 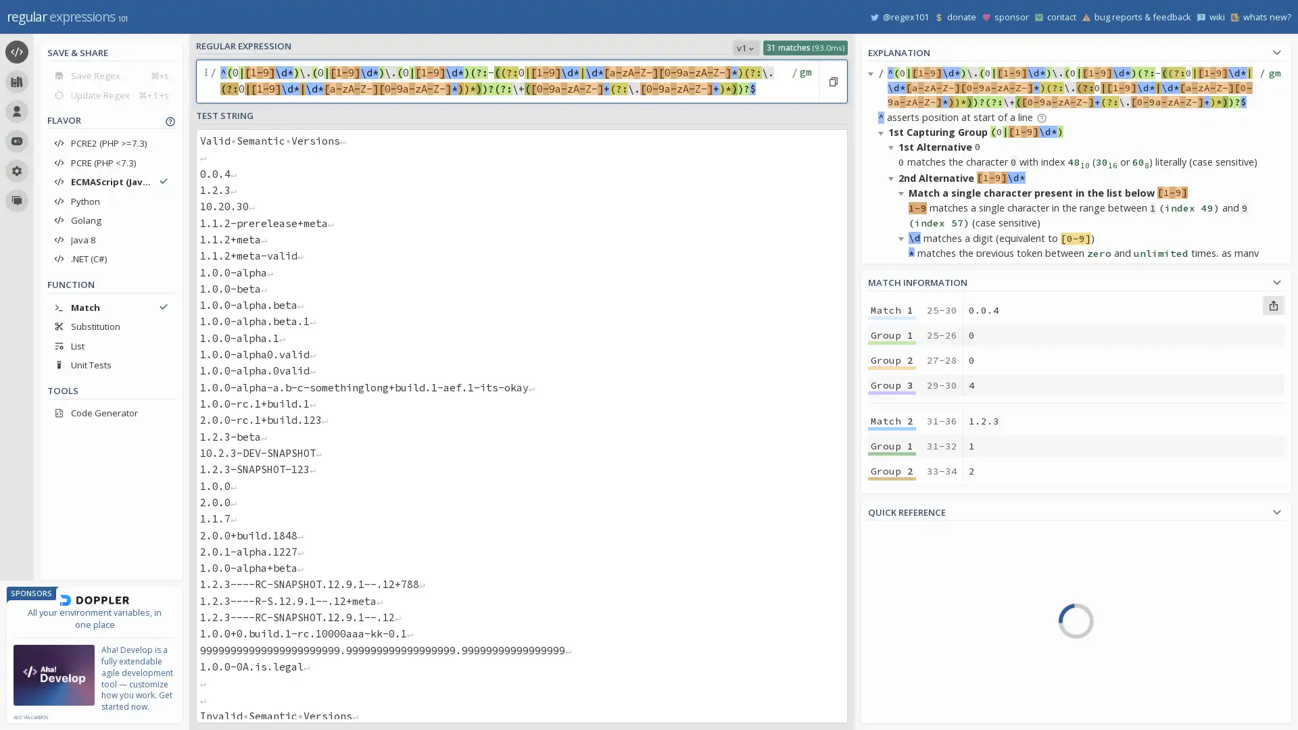 What do you see at coordinates (804, 81) in the screenshot?
I see `Set Regex Options` at bounding box center [804, 81].